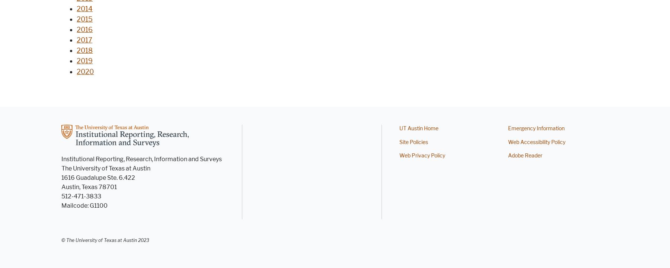 The width and height of the screenshot is (670, 268). Describe the element at coordinates (536, 142) in the screenshot. I see `'Web Accessibility Policy'` at that location.